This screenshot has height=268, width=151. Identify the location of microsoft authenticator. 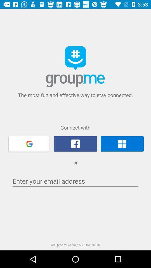
(122, 143).